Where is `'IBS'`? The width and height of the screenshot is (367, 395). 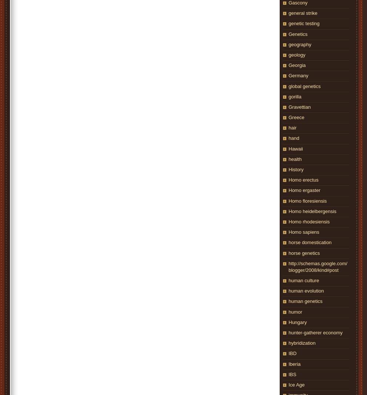 'IBS' is located at coordinates (292, 374).